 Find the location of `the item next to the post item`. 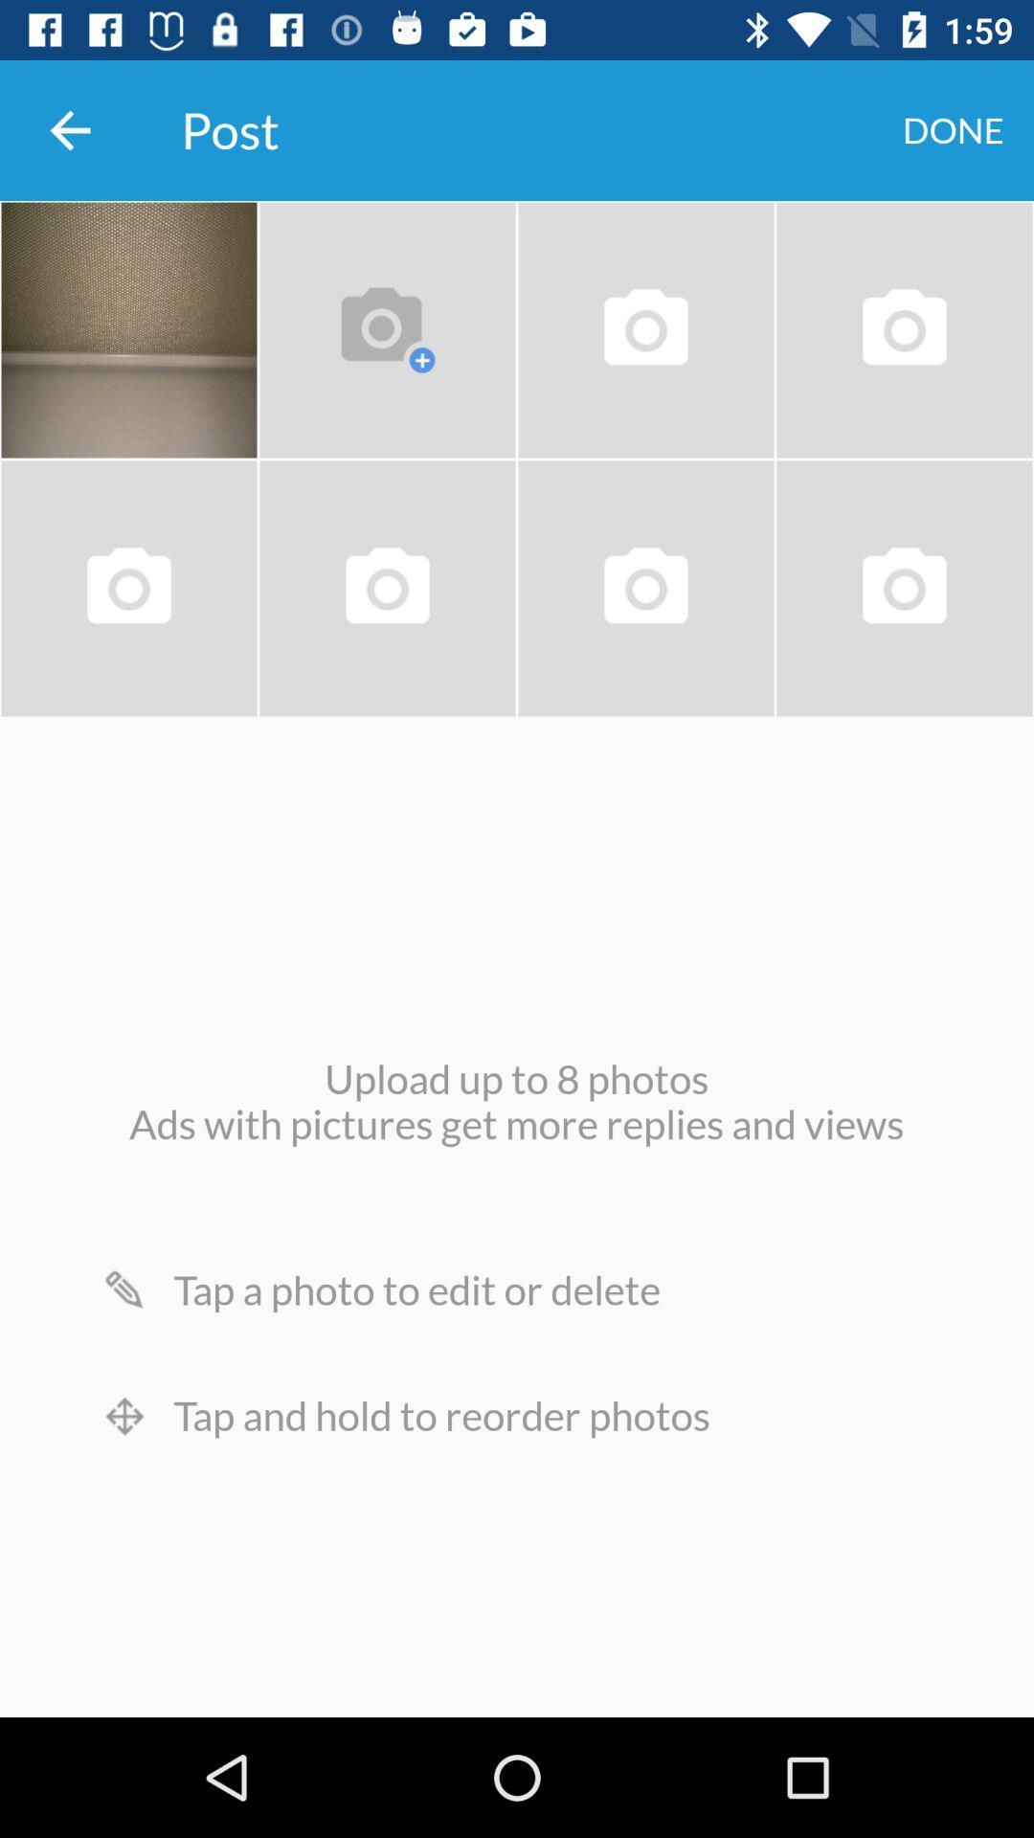

the item next to the post item is located at coordinates (69, 129).